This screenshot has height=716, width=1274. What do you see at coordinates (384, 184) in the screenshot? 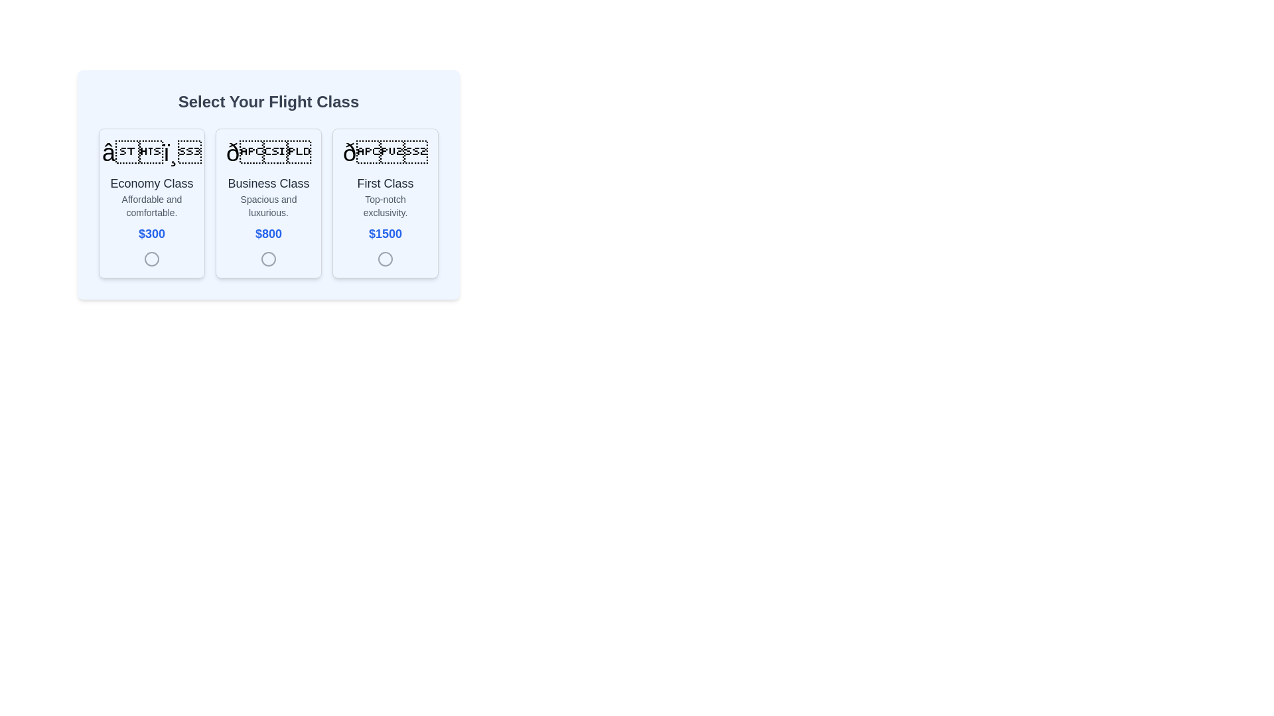
I see `the text label reading 'First Class', which is styled with a large bold font and is located in the third card of the flight class selection, positioned centrally below an icon and above the text 'Top-notch exclusivity'` at bounding box center [384, 184].